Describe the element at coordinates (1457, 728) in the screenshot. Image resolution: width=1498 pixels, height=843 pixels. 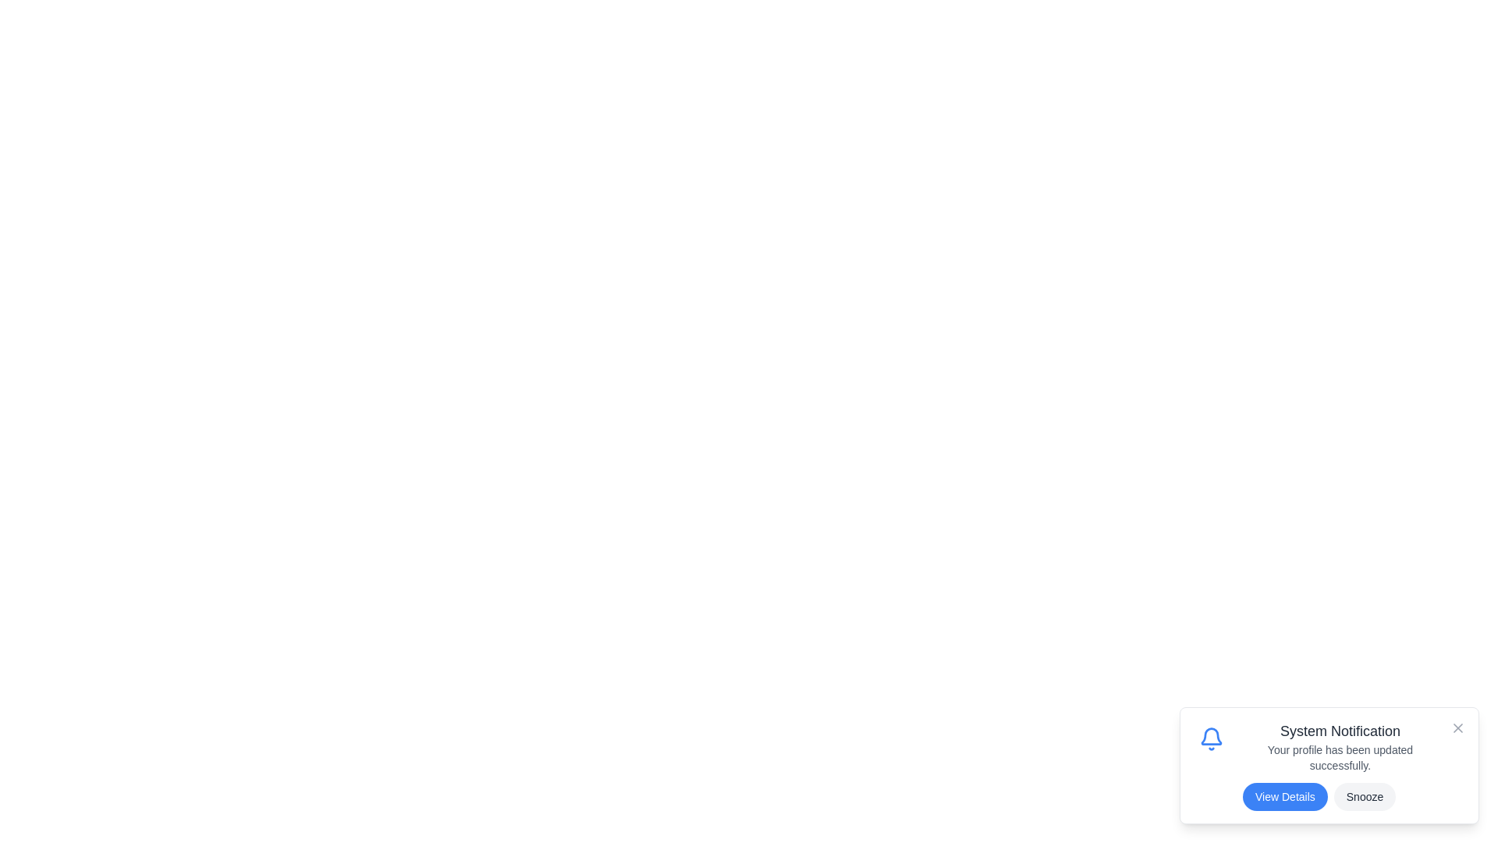
I see `the close button located in the rightmost section of the notification card's header` at that location.